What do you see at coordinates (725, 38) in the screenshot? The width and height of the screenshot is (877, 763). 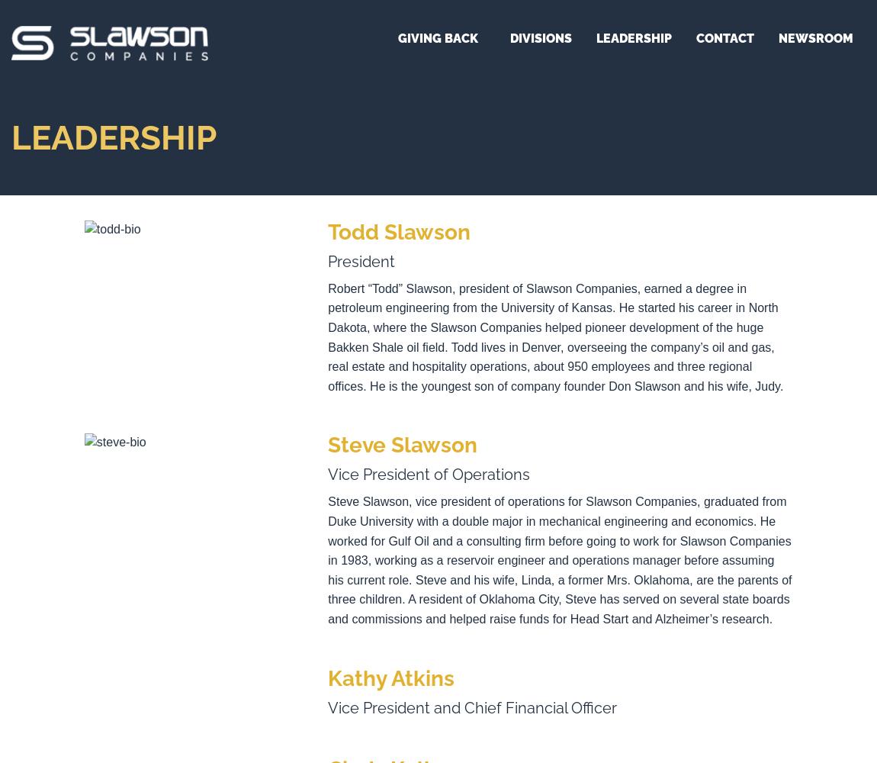 I see `'CONTACT'` at bounding box center [725, 38].